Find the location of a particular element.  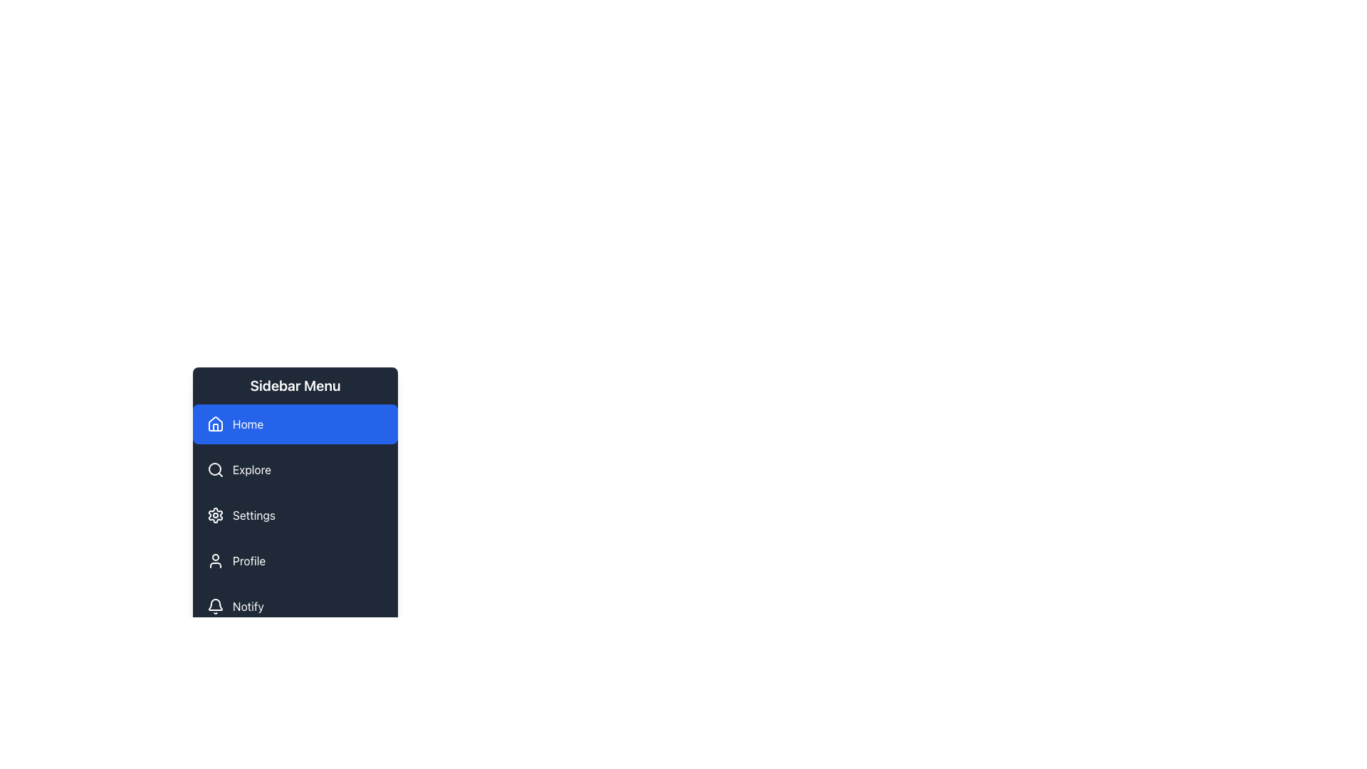

the 'Notify' button, which is the last menu item is located at coordinates (294, 607).